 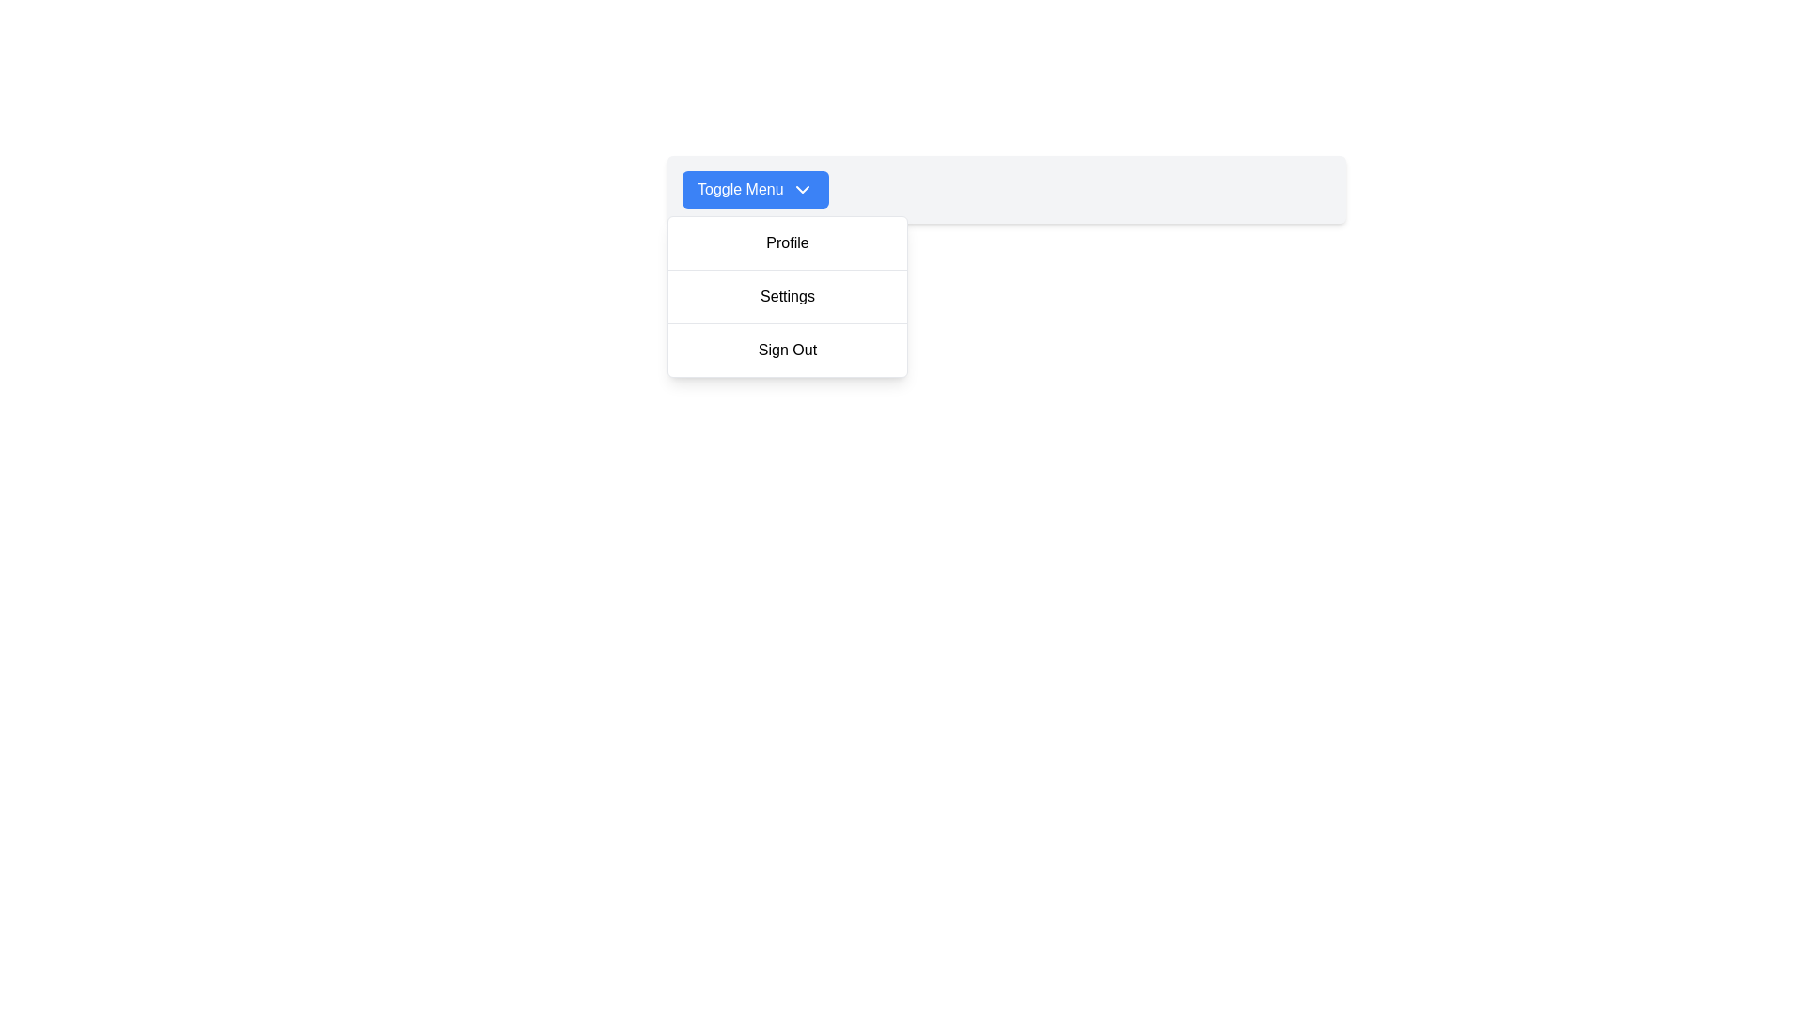 What do you see at coordinates (788, 296) in the screenshot?
I see `the settings Text label located in the dropdown menu, which is the second item beneath 'Profile' and above 'Sign Out'` at bounding box center [788, 296].